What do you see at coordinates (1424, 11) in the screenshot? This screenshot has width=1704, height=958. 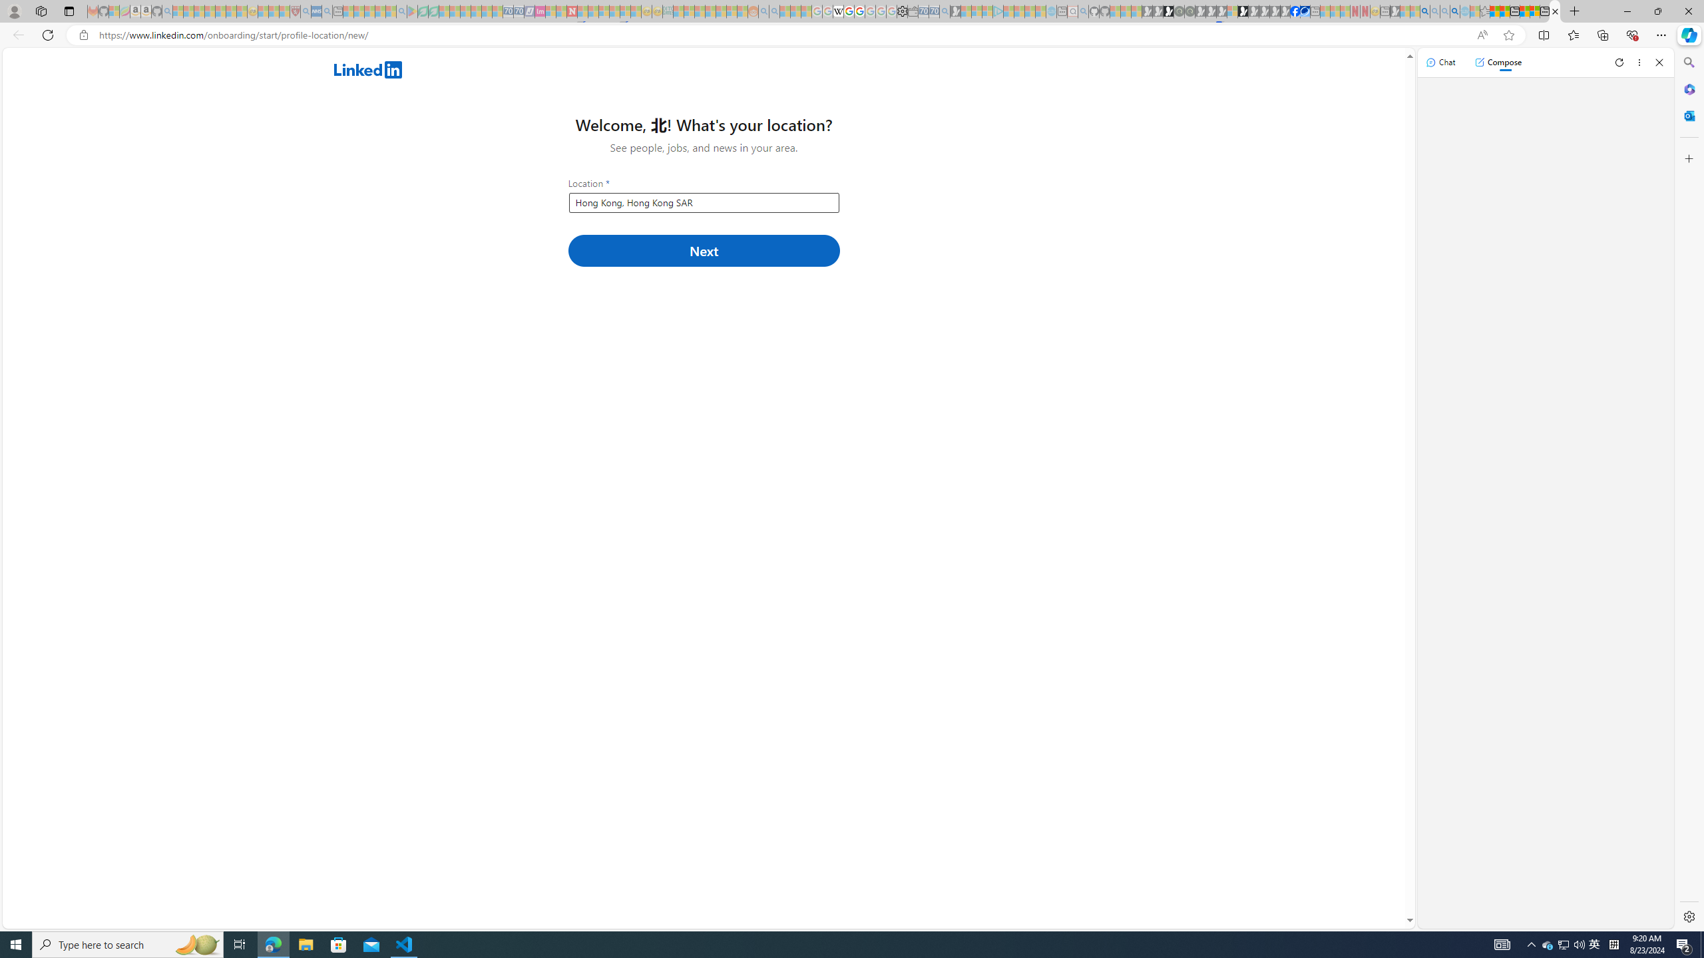 I see `'Bing AI - Search'` at bounding box center [1424, 11].